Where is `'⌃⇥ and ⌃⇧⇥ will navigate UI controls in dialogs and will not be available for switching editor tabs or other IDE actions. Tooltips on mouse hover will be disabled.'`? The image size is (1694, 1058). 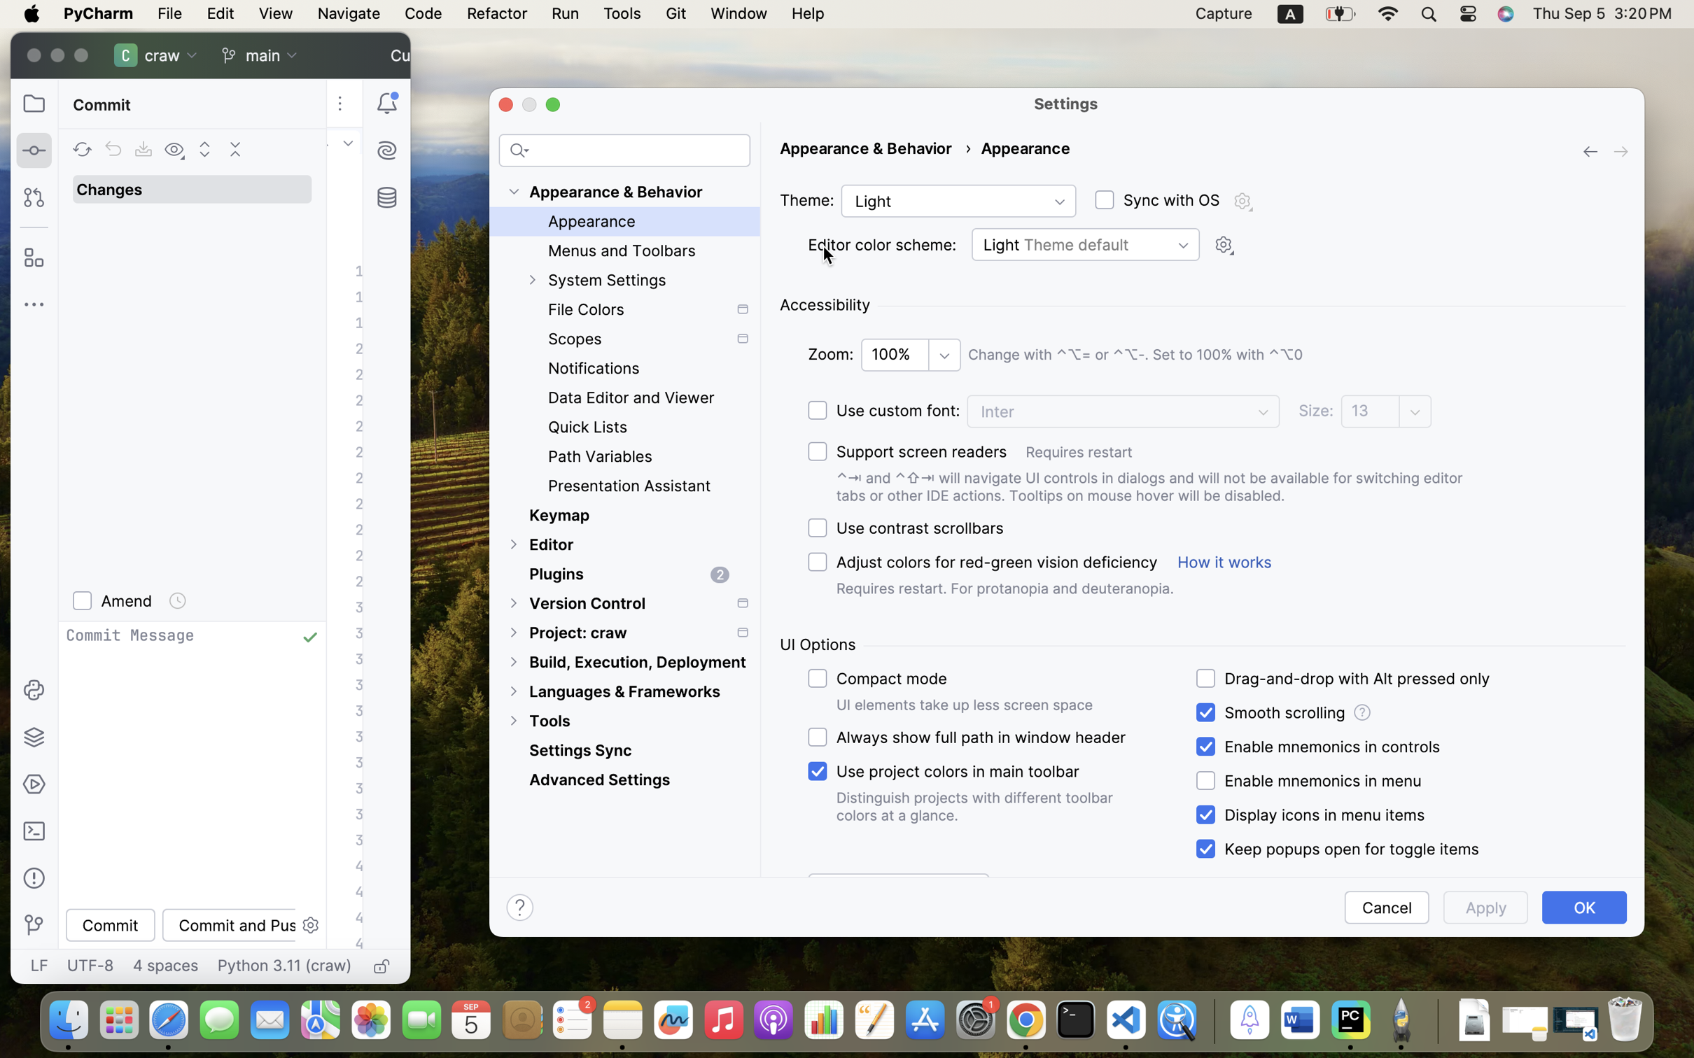 '⌃⇥ and ⌃⇧⇥ will navigate UI controls in dialogs and will not be available for switching editor tabs or other IDE actions. Tooltips on mouse hover will be disabled.' is located at coordinates (1165, 487).